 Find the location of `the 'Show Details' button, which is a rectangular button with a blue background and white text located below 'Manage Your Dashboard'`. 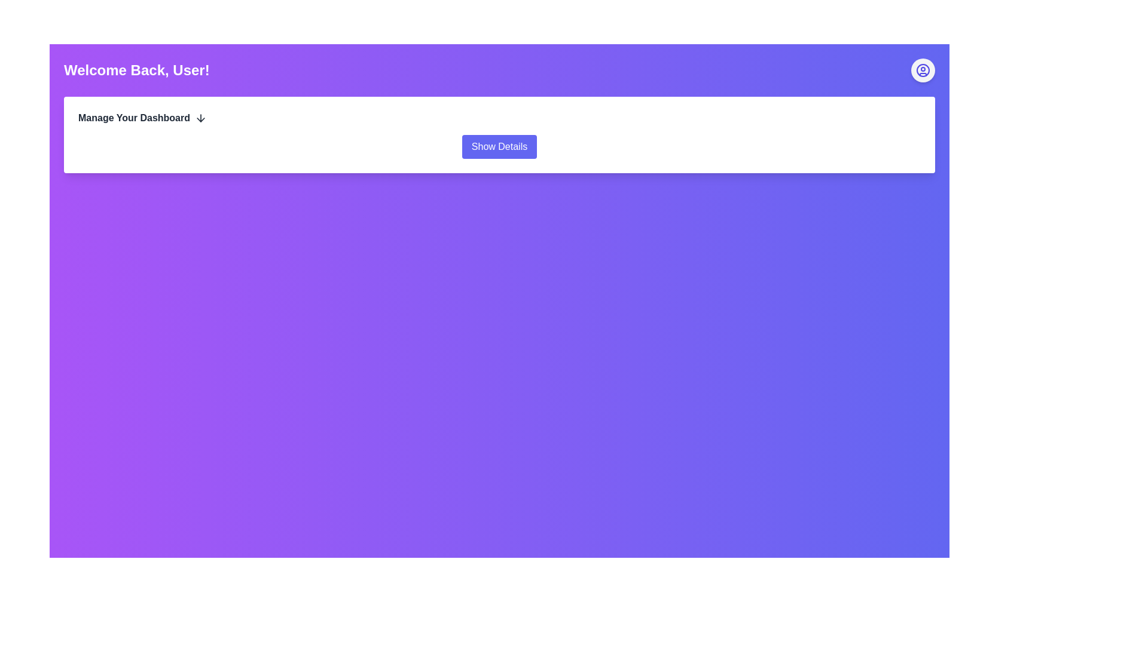

the 'Show Details' button, which is a rectangular button with a blue background and white text located below 'Manage Your Dashboard' is located at coordinates (499, 146).